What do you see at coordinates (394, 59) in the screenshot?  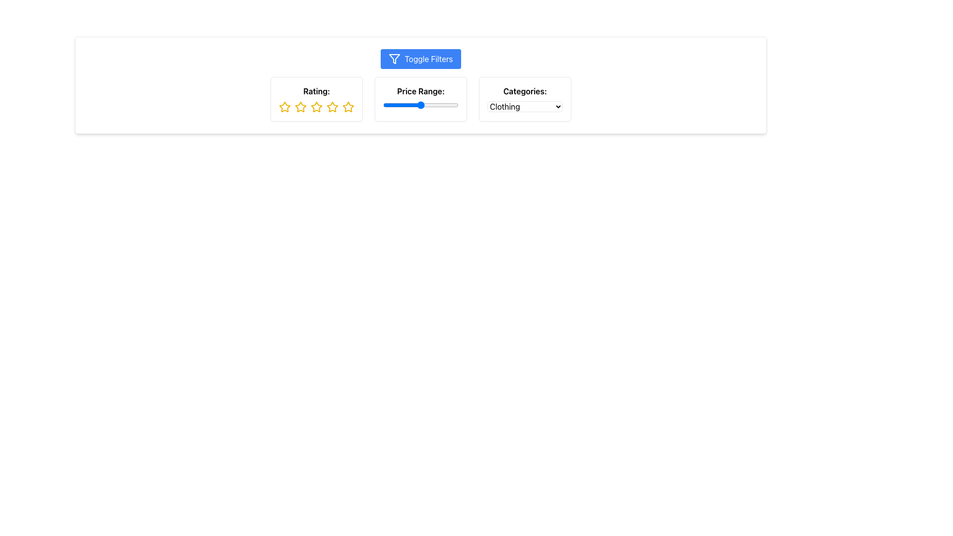 I see `the filter icon represented by a funnel-like outline, which is part of the 'Toggle Filters' button, located to the left of its text label` at bounding box center [394, 59].